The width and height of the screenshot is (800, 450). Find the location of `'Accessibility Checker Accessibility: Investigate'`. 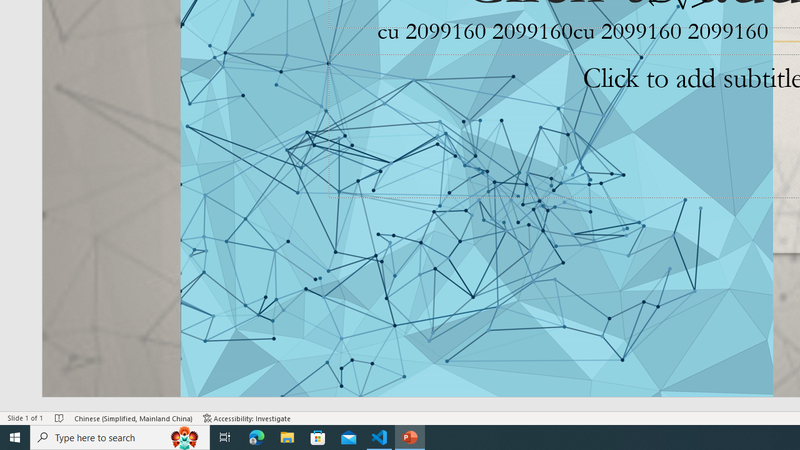

'Accessibility Checker Accessibility: Investigate' is located at coordinates (247, 418).